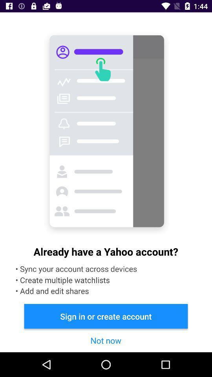 The height and width of the screenshot is (377, 212). Describe the element at coordinates (106, 316) in the screenshot. I see `item above not now icon` at that location.